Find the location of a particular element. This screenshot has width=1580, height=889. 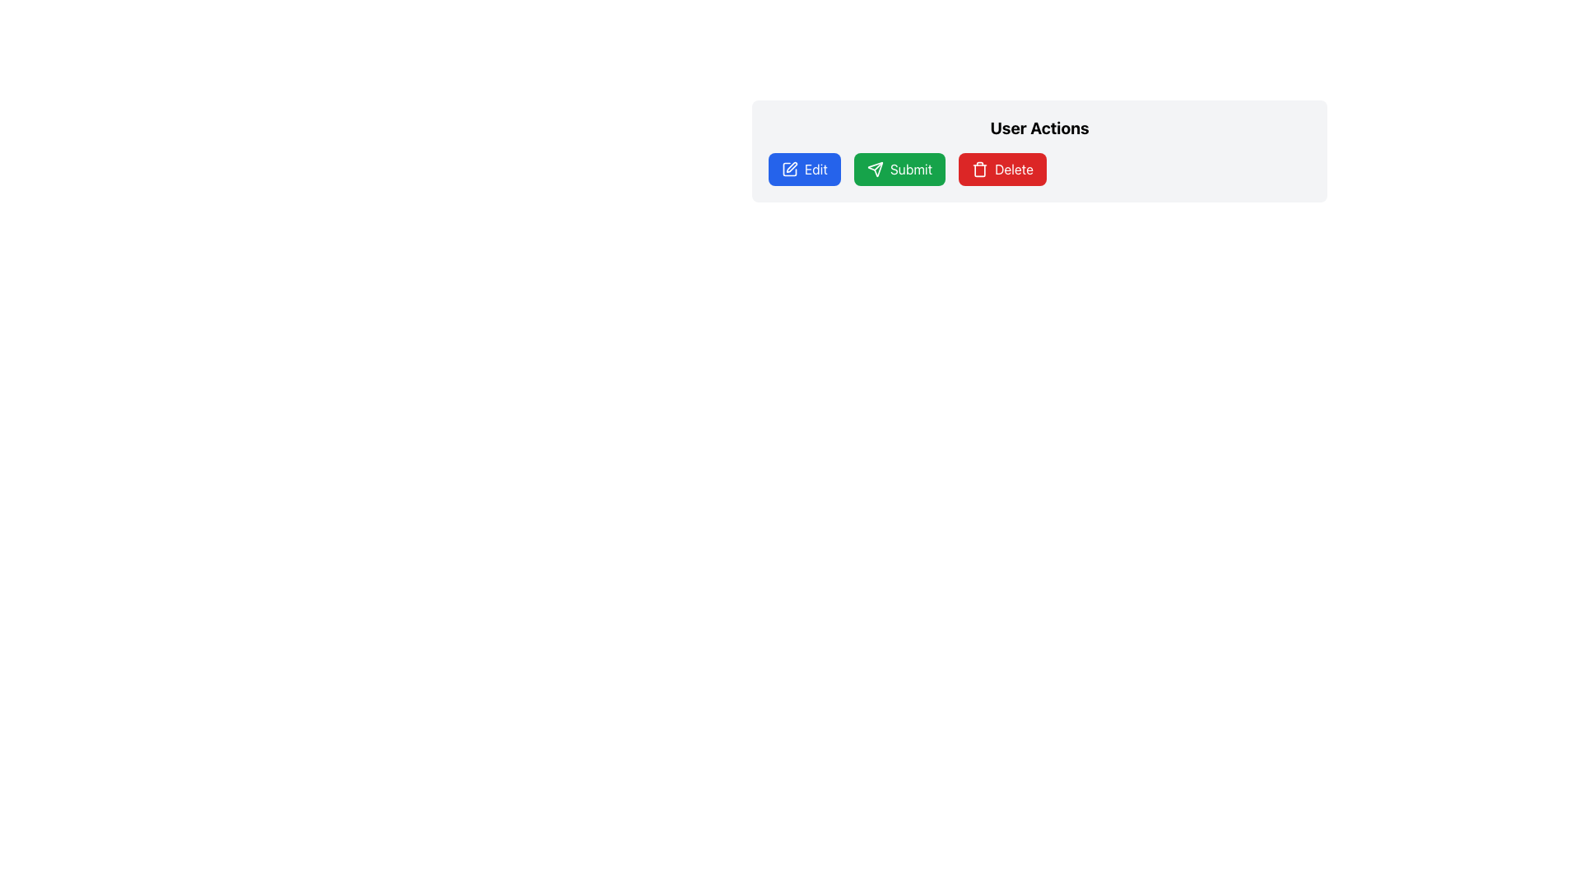

the paper airplane icon within the green 'Submit' button is located at coordinates (874, 169).